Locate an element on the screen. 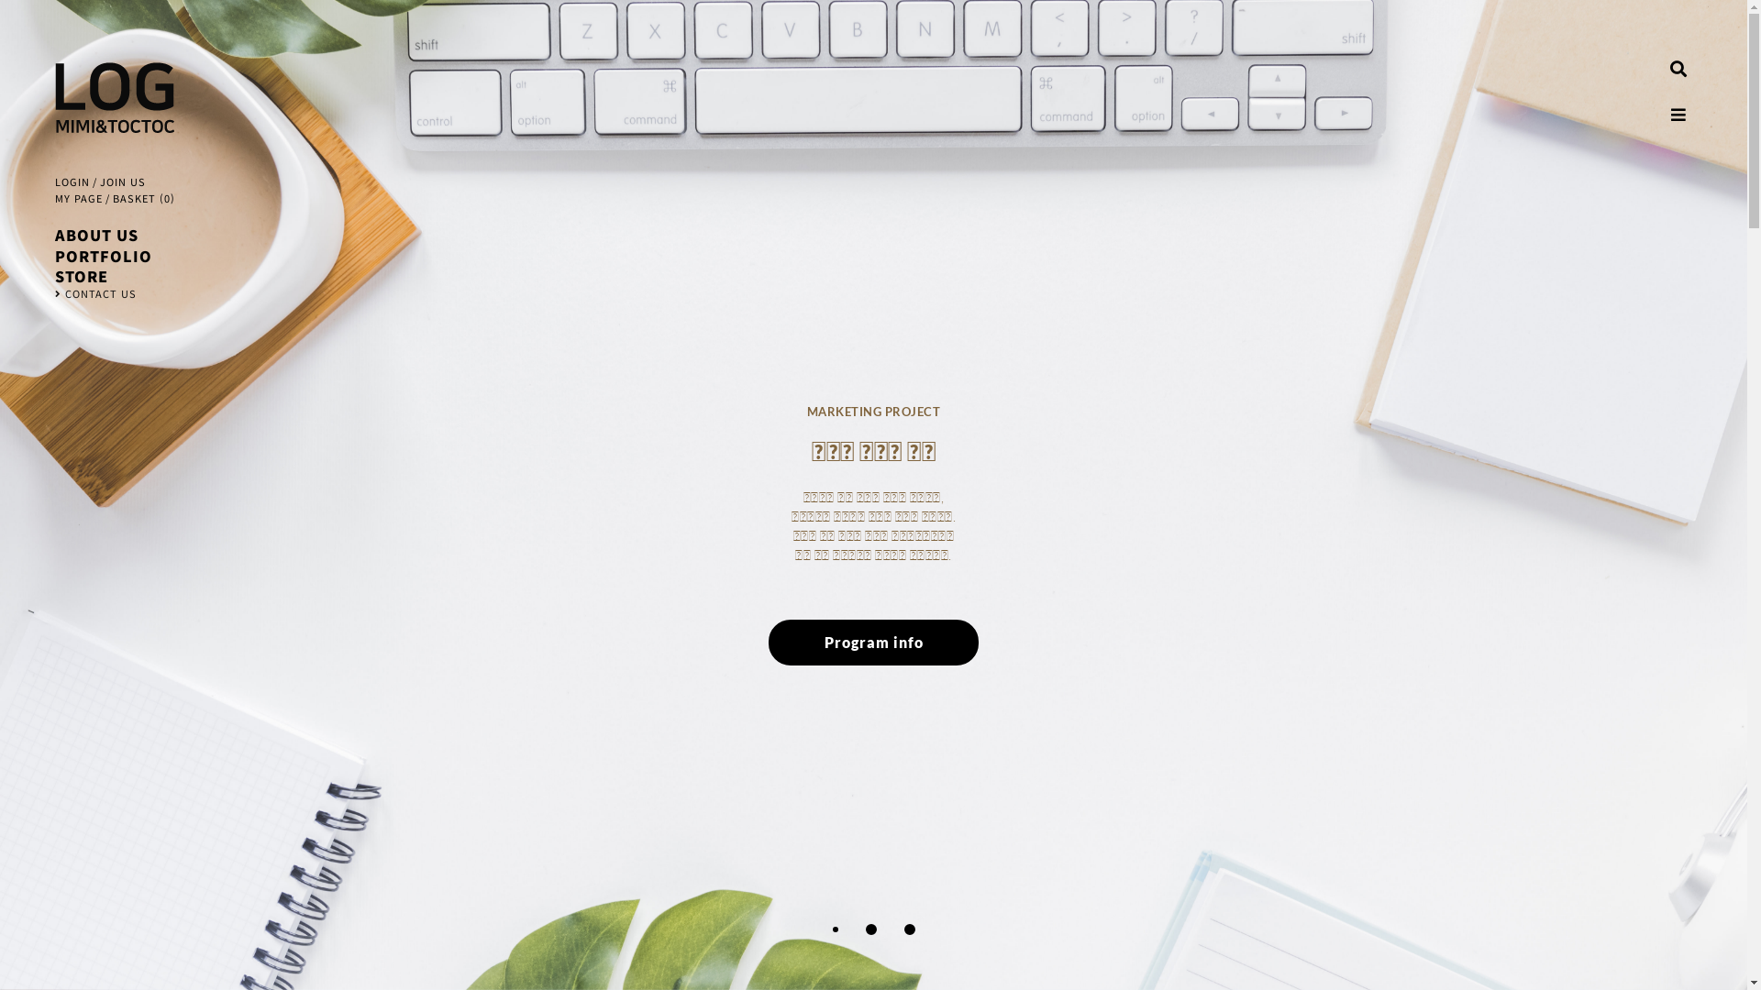 The image size is (1761, 990). 'LOGIN' is located at coordinates (72, 182).